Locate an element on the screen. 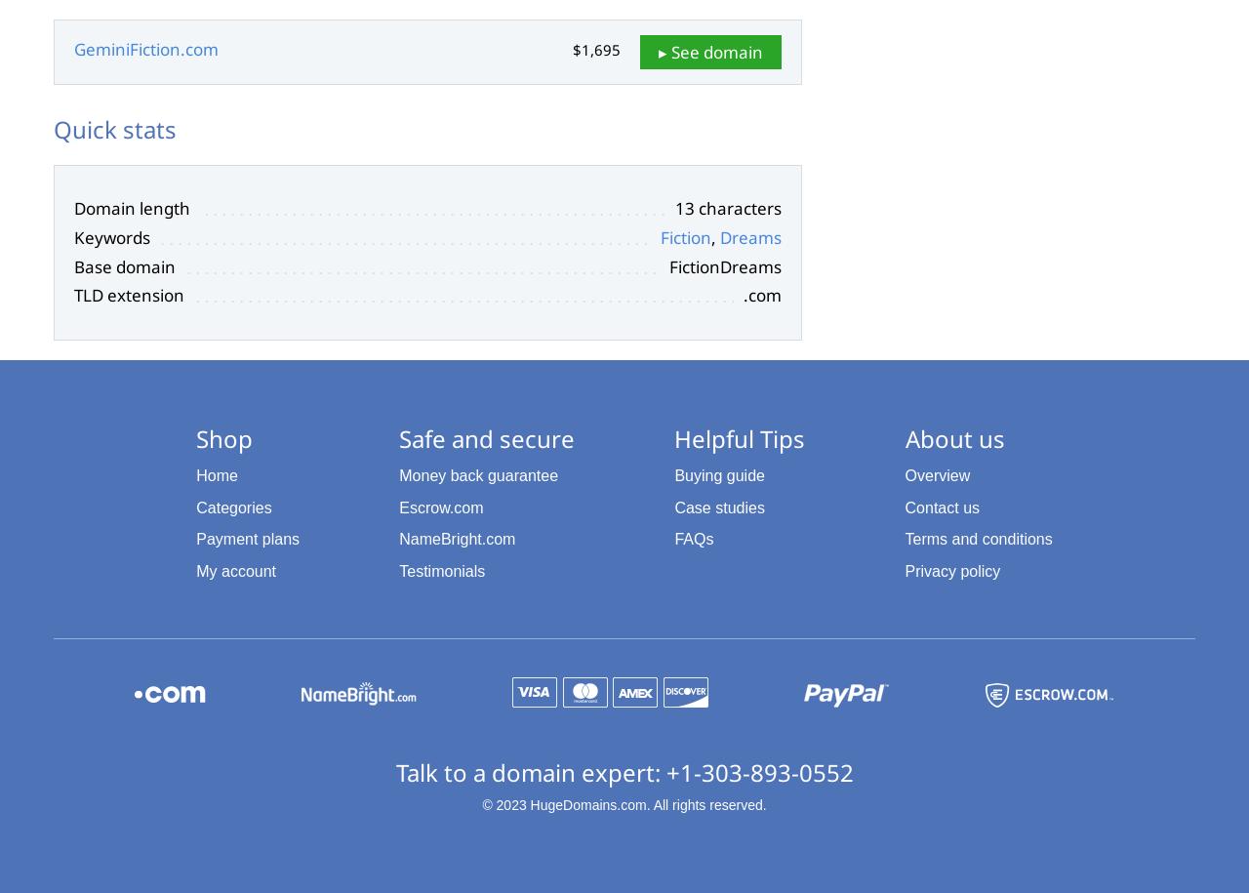 The height and width of the screenshot is (893, 1249). 'Payment plans' is located at coordinates (246, 539).